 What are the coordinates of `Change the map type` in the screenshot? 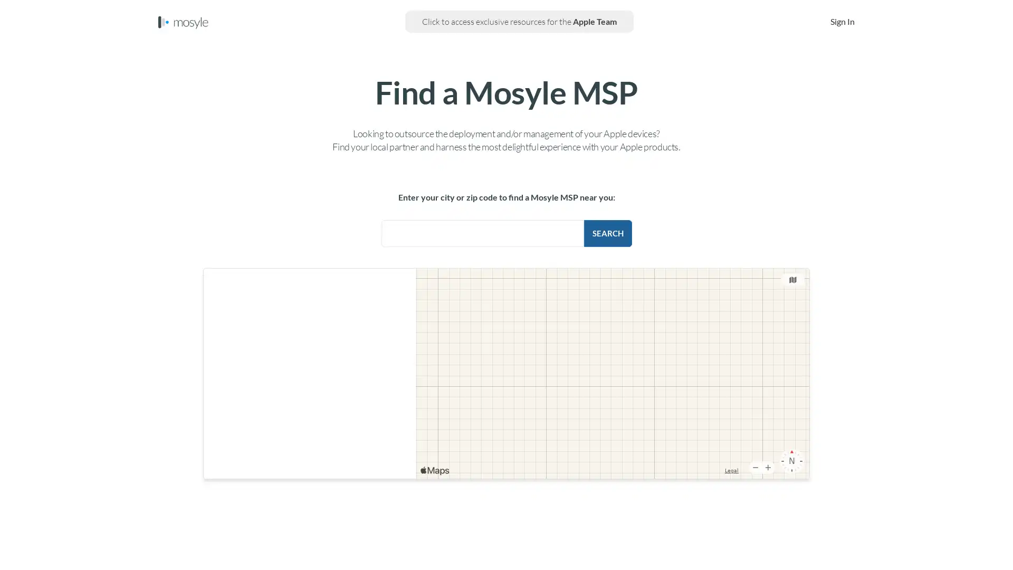 It's located at (792, 279).